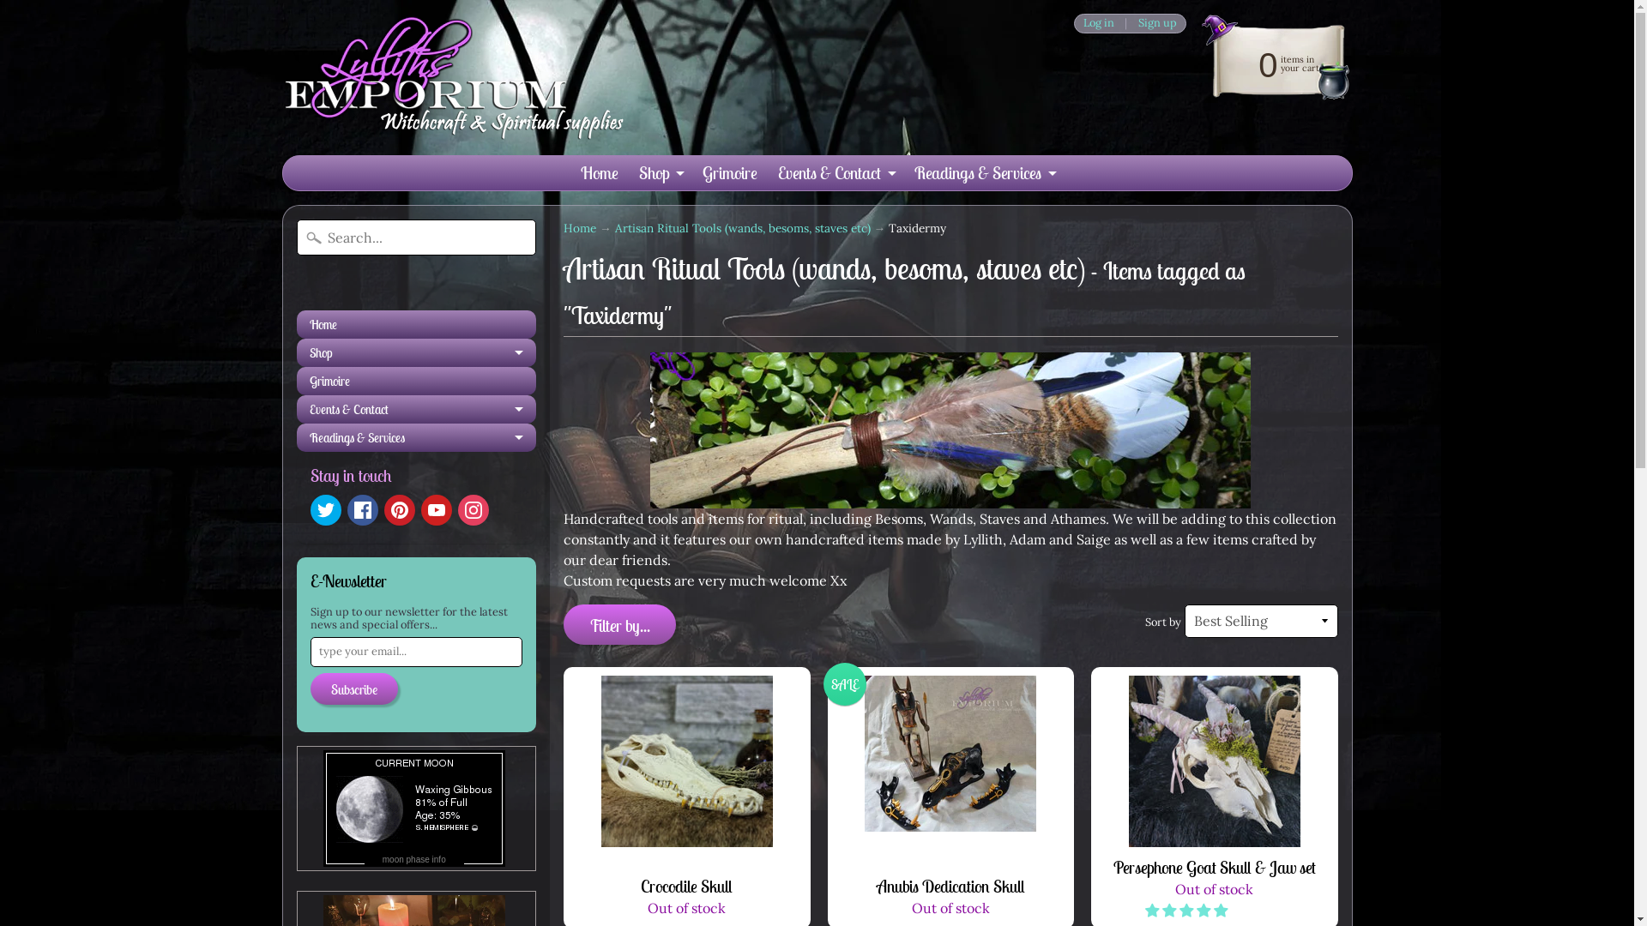 Image resolution: width=1647 pixels, height=926 pixels. Describe the element at coordinates (457, 508) in the screenshot. I see `'Instagram'` at that location.